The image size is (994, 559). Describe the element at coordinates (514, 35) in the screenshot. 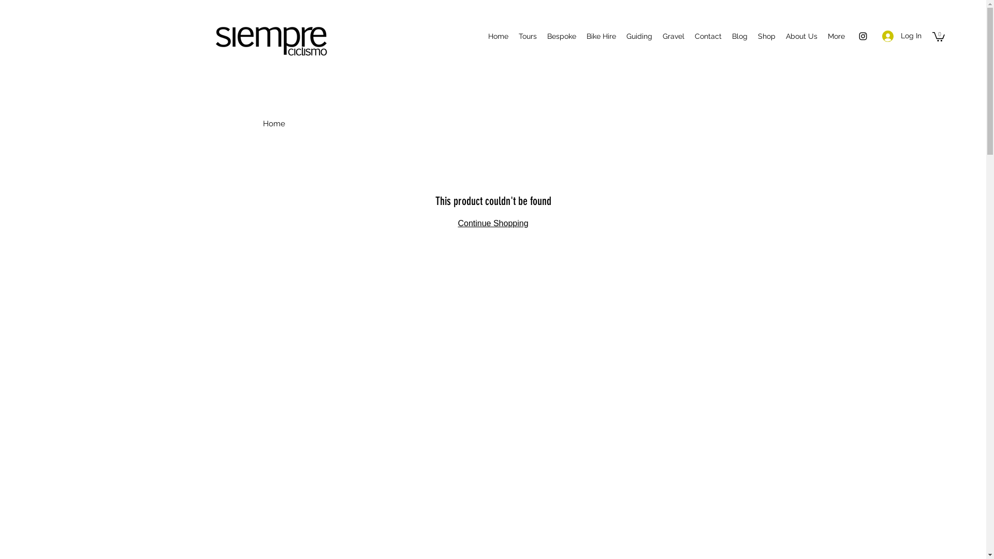

I see `'Tours'` at that location.